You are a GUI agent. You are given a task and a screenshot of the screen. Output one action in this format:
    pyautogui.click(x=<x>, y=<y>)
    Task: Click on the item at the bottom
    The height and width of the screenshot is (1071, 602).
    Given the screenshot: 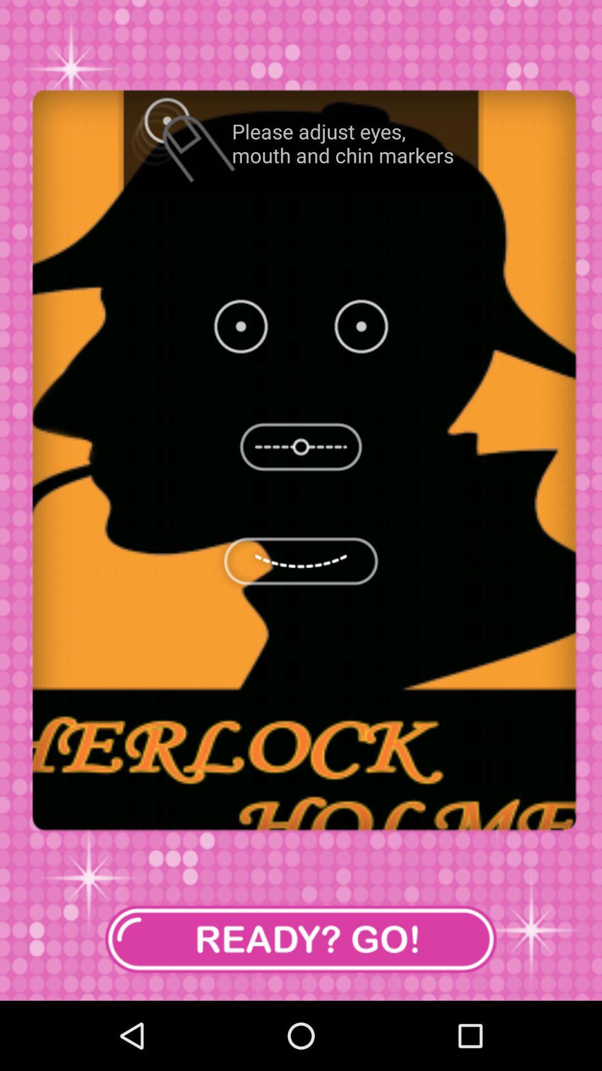 What is the action you would take?
    pyautogui.click(x=301, y=938)
    